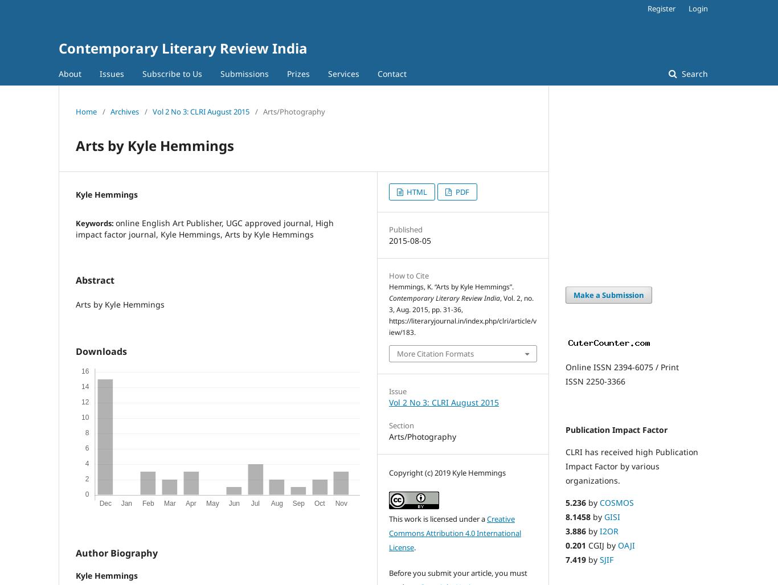 The image size is (778, 585). I want to click on 'Archives', so click(124, 111).